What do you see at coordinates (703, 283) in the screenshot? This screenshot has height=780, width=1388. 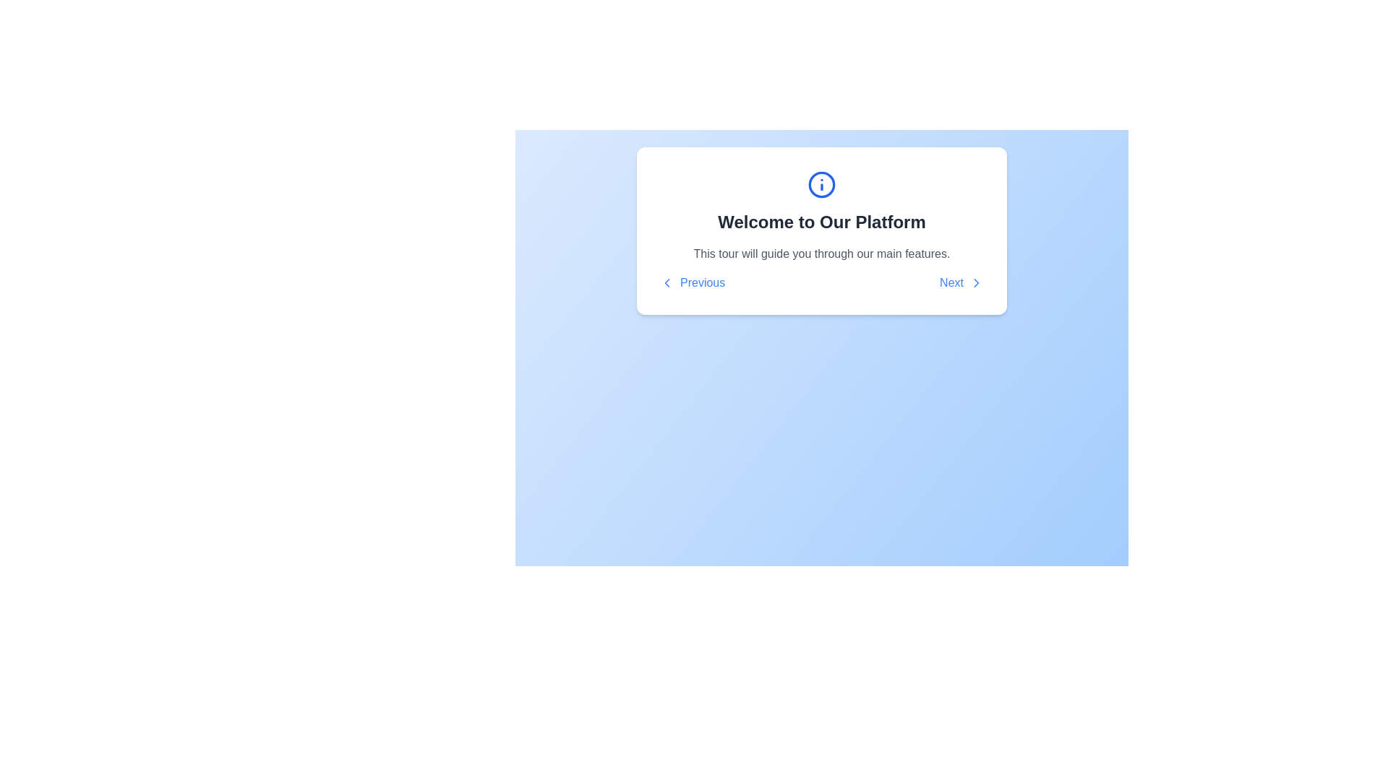 I see `the 'Previous' text label located in the lower-left area of the modal dialog box` at bounding box center [703, 283].